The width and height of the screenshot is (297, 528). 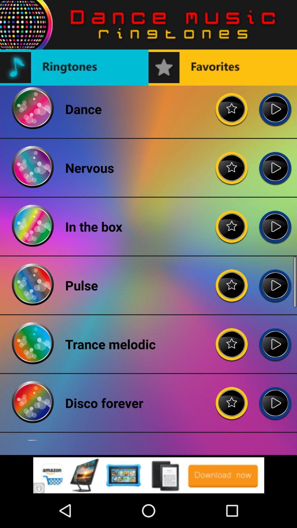 I want to click on to favourites, so click(x=232, y=163).